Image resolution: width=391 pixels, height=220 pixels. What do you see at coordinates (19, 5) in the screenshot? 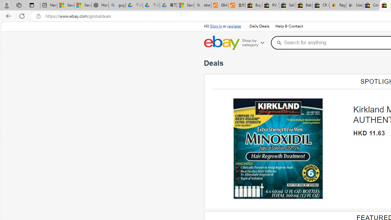
I see `'Workspaces'` at bounding box center [19, 5].